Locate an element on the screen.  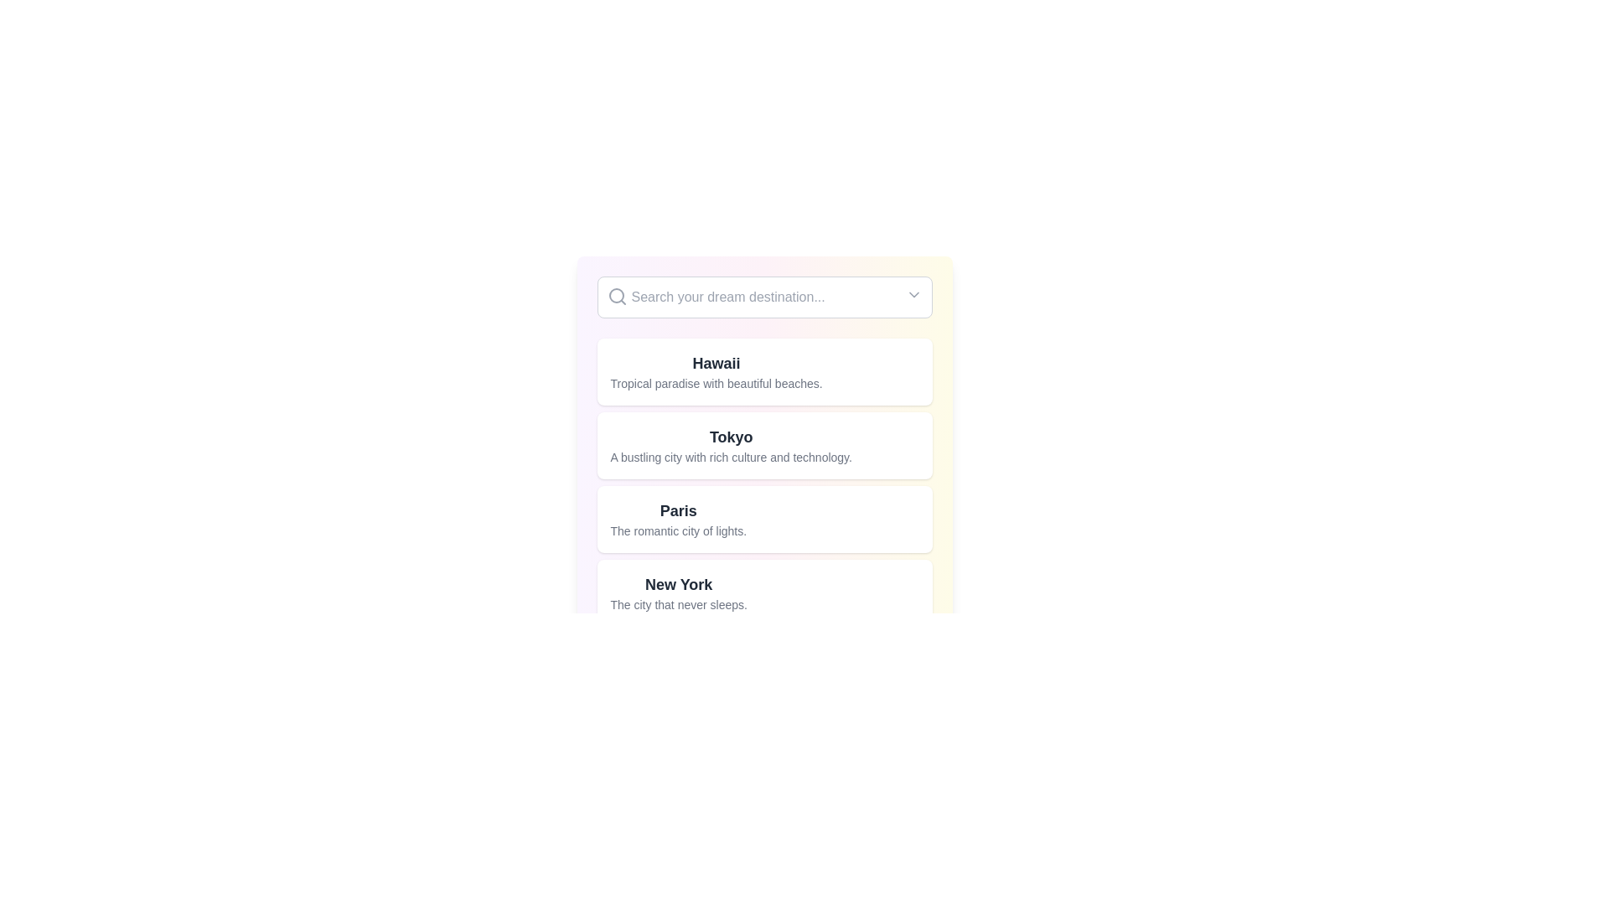
the Text Label that serves as the title for the 'Paris' section in the list of destinations is located at coordinates (678, 509).